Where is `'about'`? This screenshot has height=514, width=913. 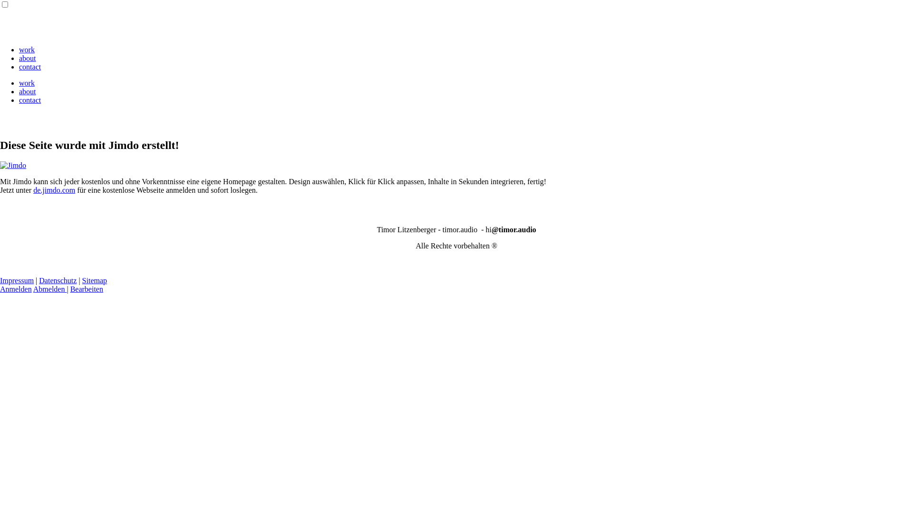 'about' is located at coordinates (19, 58).